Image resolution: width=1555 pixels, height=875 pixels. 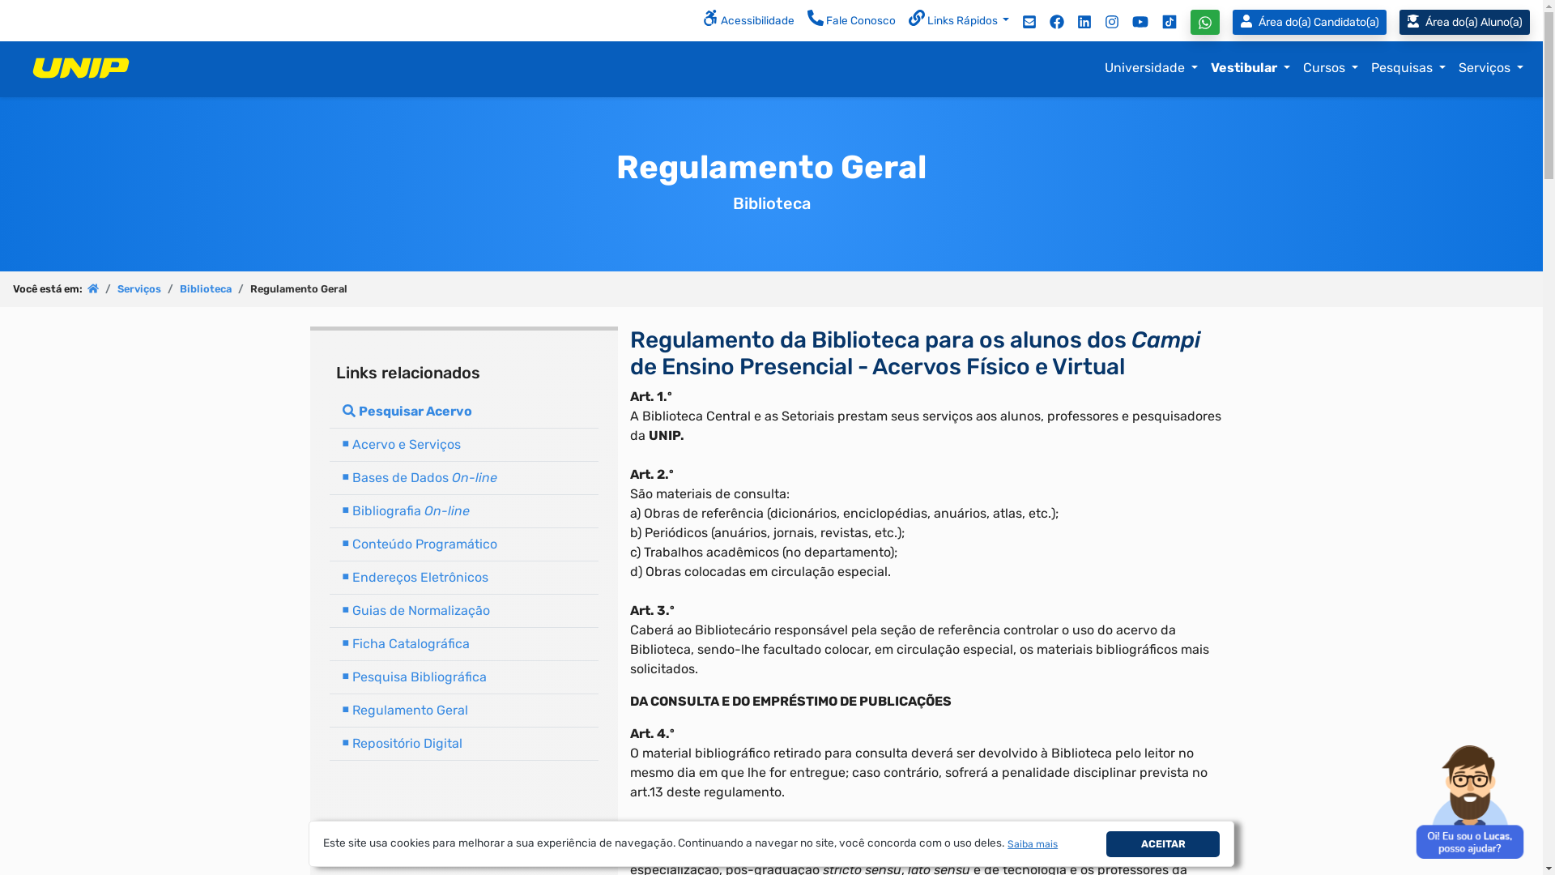 What do you see at coordinates (1161, 843) in the screenshot?
I see `'ACEITAR'` at bounding box center [1161, 843].